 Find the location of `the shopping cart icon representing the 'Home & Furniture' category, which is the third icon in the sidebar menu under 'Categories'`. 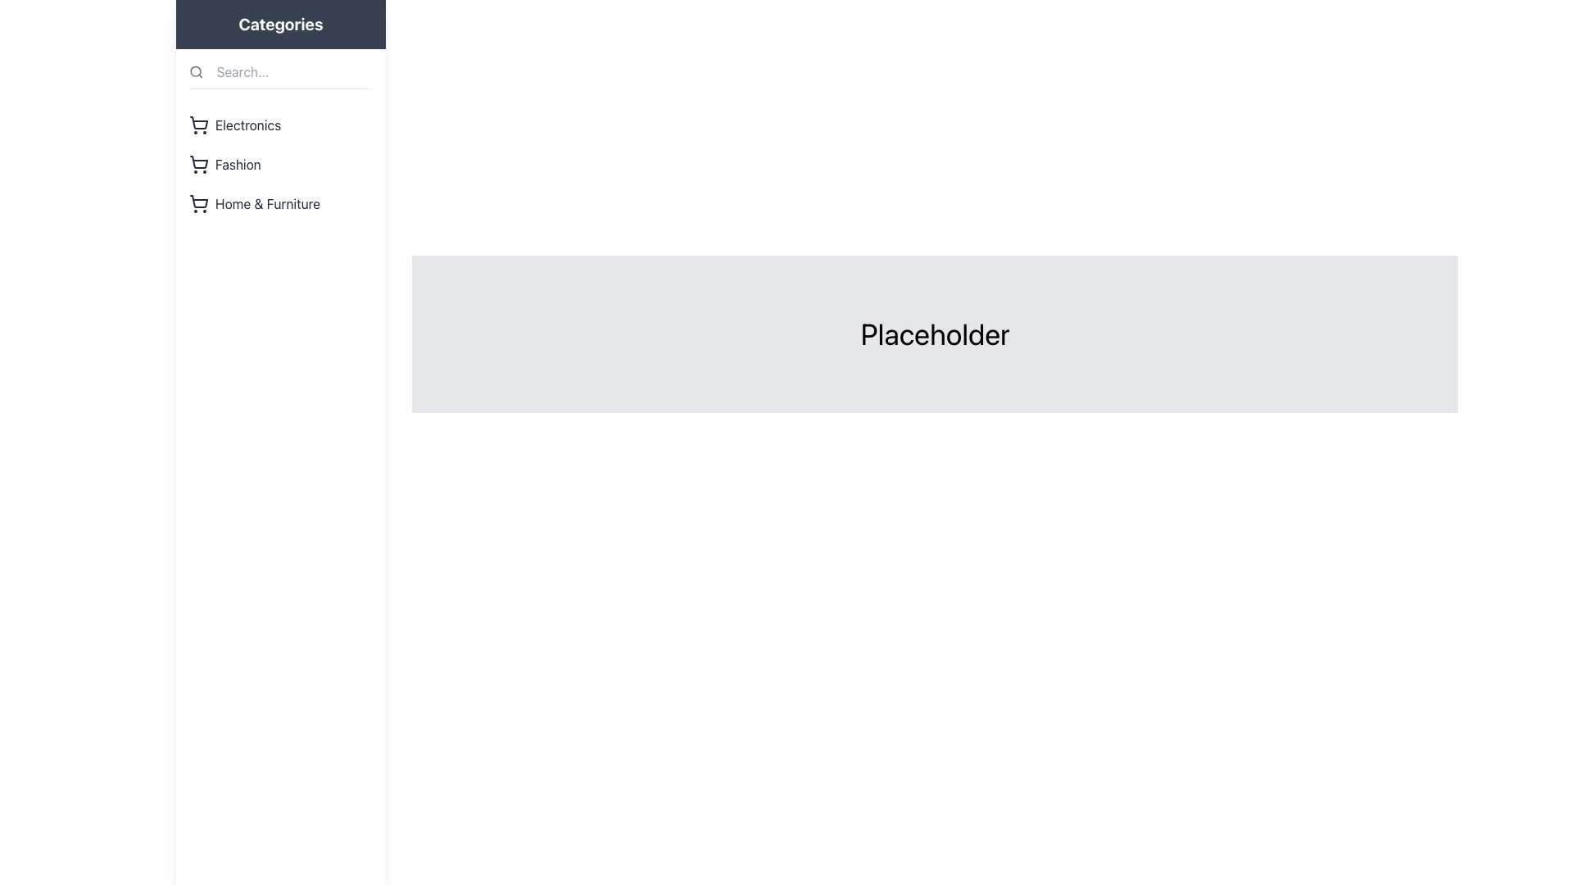

the shopping cart icon representing the 'Home & Furniture' category, which is the third icon in the sidebar menu under 'Categories' is located at coordinates (198, 203).